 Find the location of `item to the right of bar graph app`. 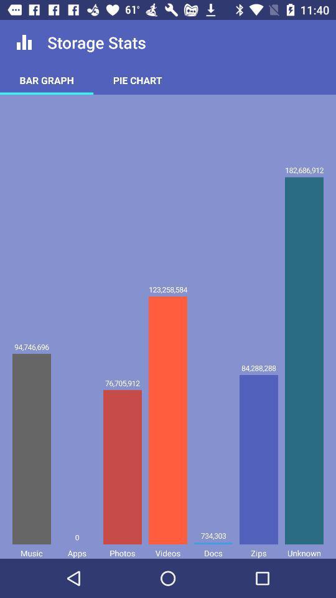

item to the right of bar graph app is located at coordinates (137, 79).